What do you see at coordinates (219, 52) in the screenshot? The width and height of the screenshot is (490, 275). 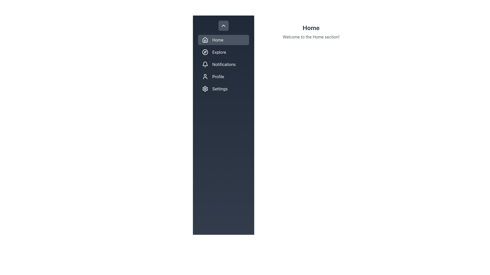 I see `the 'Explore' text label in the vertical navigation menu to navigate to the linked 'Explore' section of the application` at bounding box center [219, 52].